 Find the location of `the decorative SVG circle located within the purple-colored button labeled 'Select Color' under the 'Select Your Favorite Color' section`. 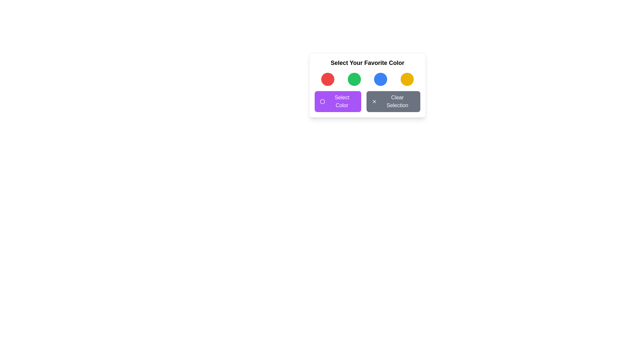

the decorative SVG circle located within the purple-colored button labeled 'Select Color' under the 'Select Your Favorite Color' section is located at coordinates (323, 101).